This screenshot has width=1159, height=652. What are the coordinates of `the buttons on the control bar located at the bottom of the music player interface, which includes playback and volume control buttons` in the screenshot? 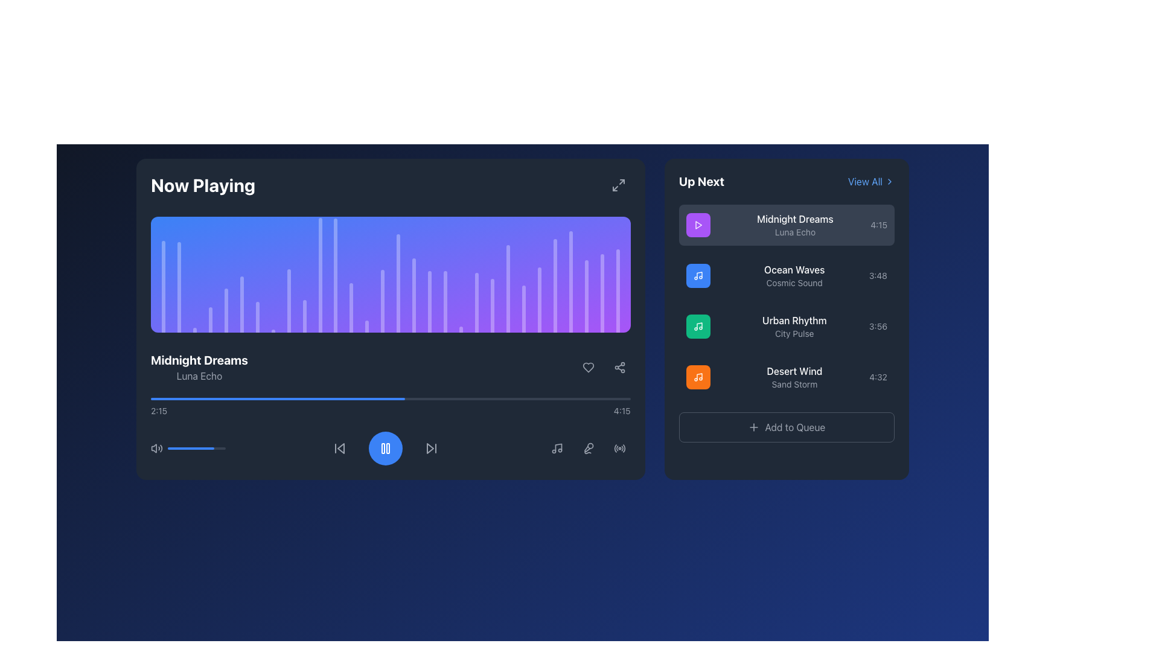 It's located at (391, 449).